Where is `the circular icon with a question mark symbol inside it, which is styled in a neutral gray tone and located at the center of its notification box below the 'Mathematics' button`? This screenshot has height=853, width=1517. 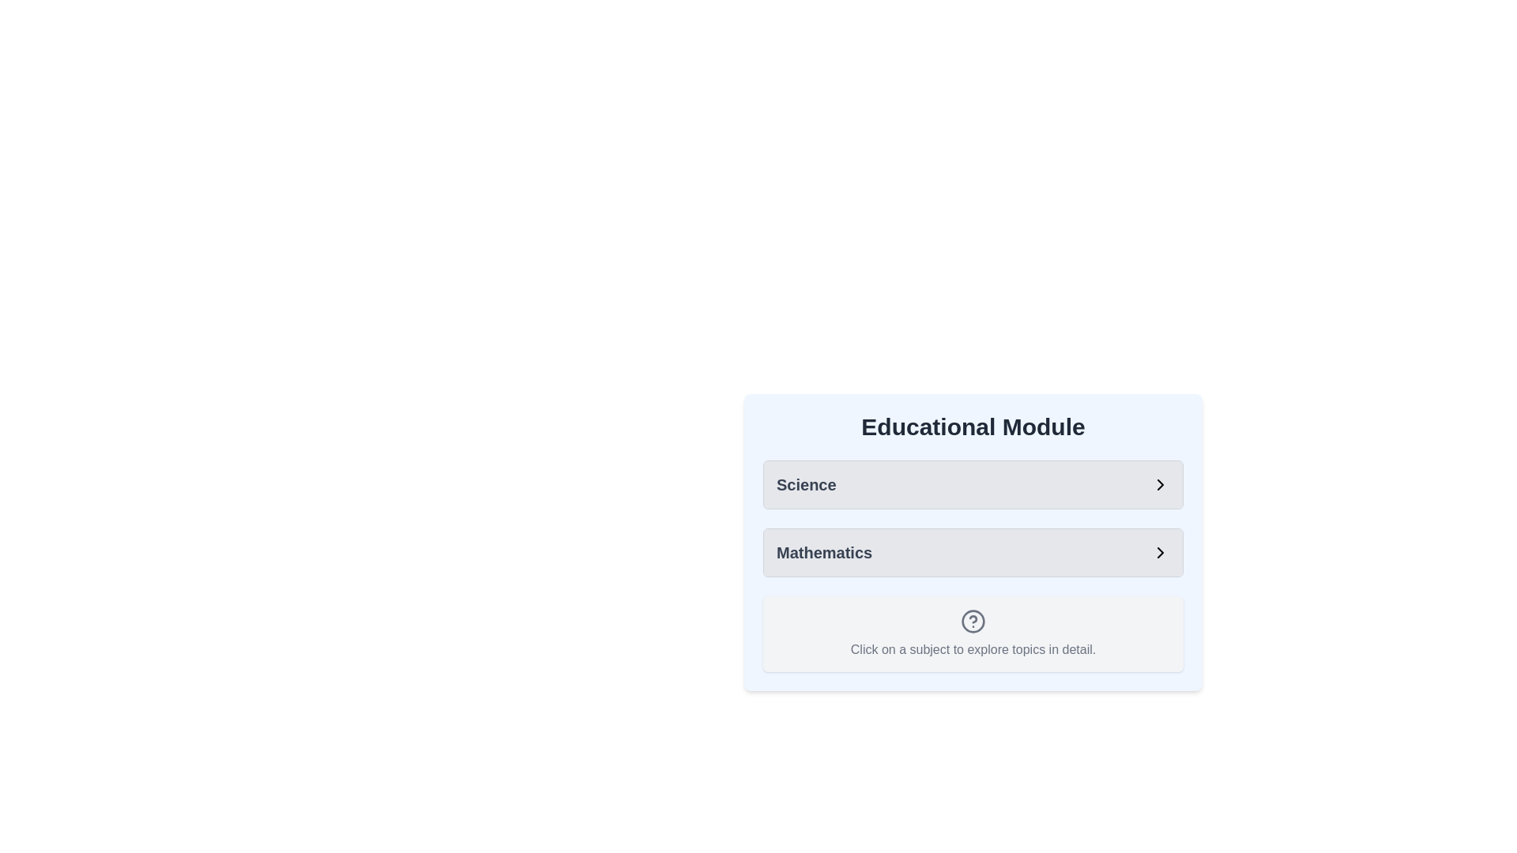
the circular icon with a question mark symbol inside it, which is styled in a neutral gray tone and located at the center of its notification box below the 'Mathematics' button is located at coordinates (973, 620).